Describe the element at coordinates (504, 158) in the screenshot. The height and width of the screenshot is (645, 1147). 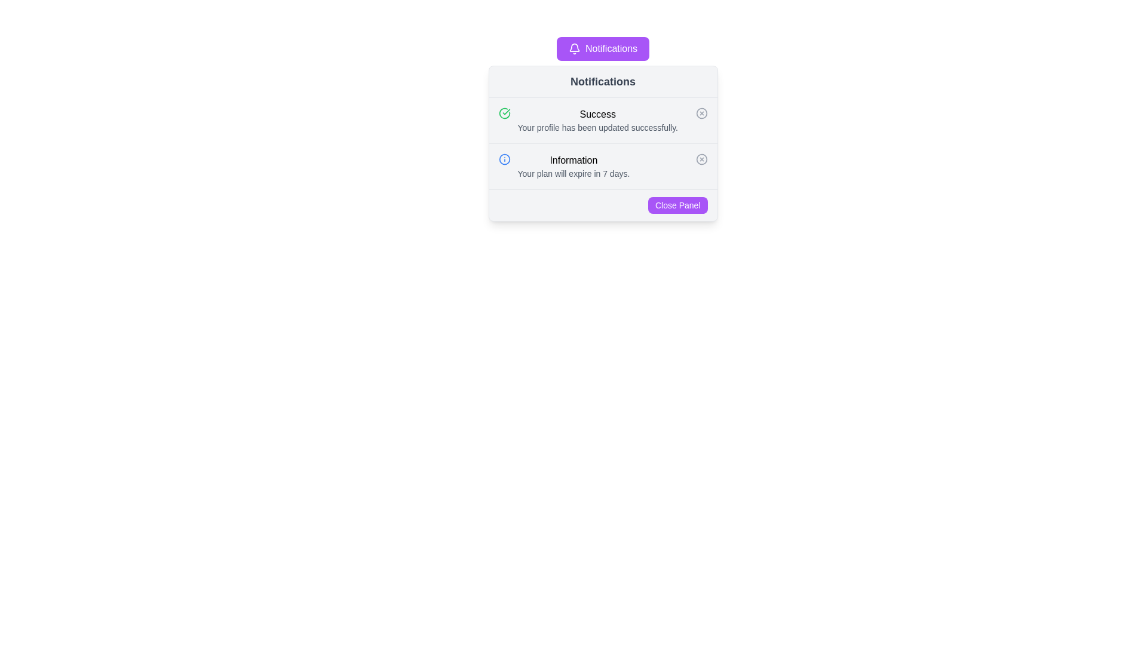
I see `the information icon, which is a blue circular outline with a lowercase 'i' in the center, located next to the text 'Information' in the second notification of the panel` at that location.